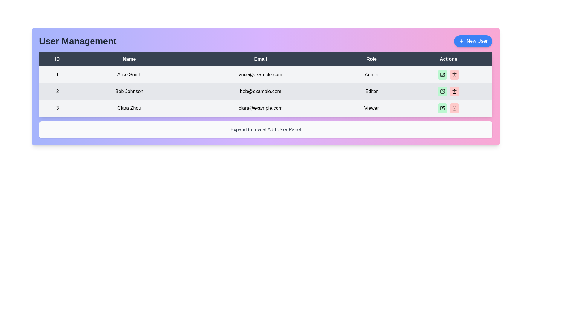 The height and width of the screenshot is (323, 574). What do you see at coordinates (448, 91) in the screenshot?
I see `the Divider element located in the 'Actions' column of the table row corresponding to 'Bob Johnson', positioned between the green 'Edit' button and the red 'Delete' button` at bounding box center [448, 91].